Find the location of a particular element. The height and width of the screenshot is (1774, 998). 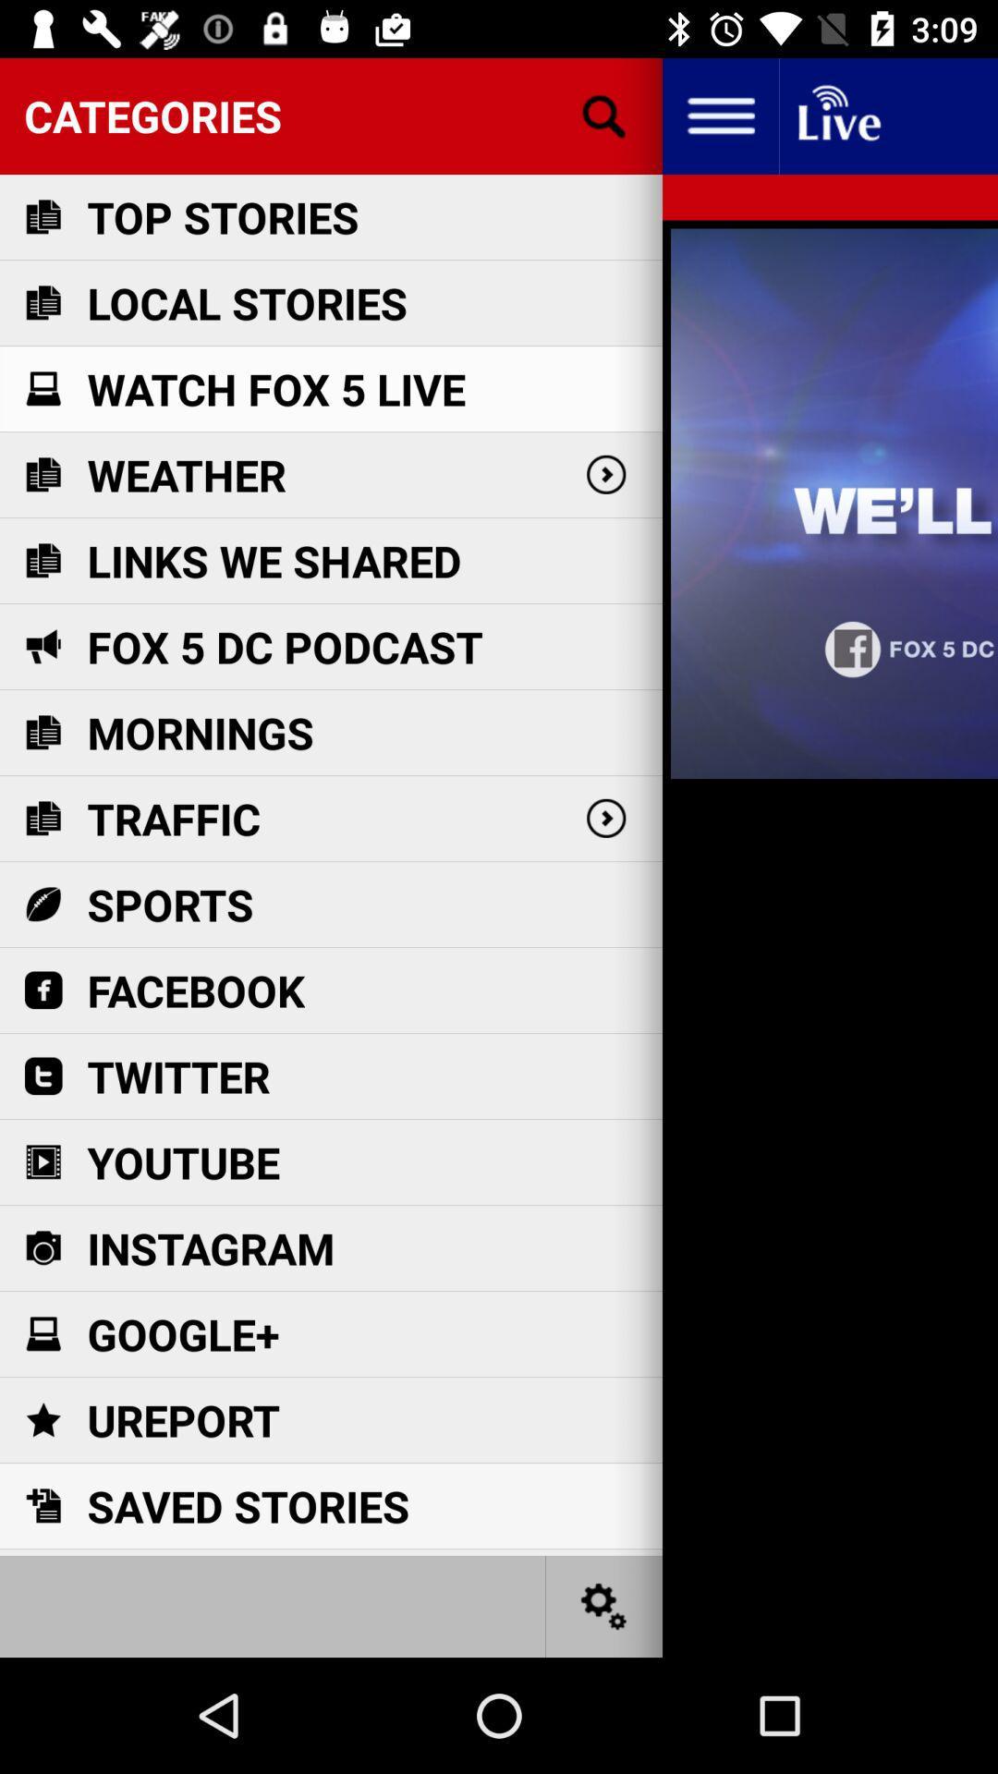

live is located at coordinates (837, 115).